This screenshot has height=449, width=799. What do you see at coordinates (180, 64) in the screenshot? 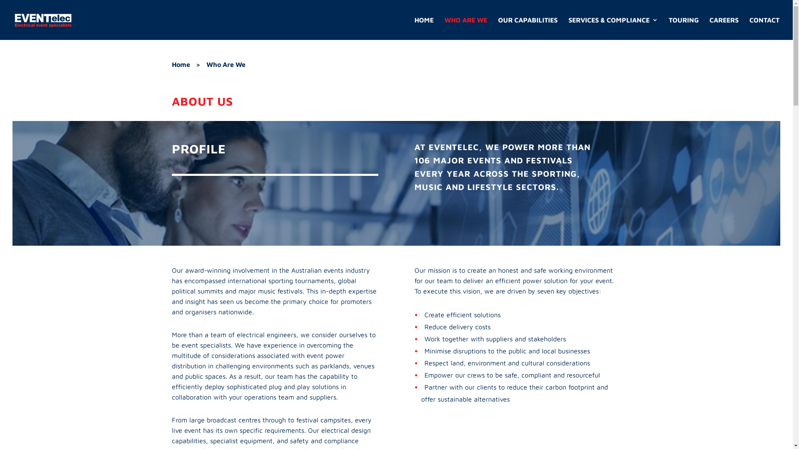
I see `'Home'` at bounding box center [180, 64].